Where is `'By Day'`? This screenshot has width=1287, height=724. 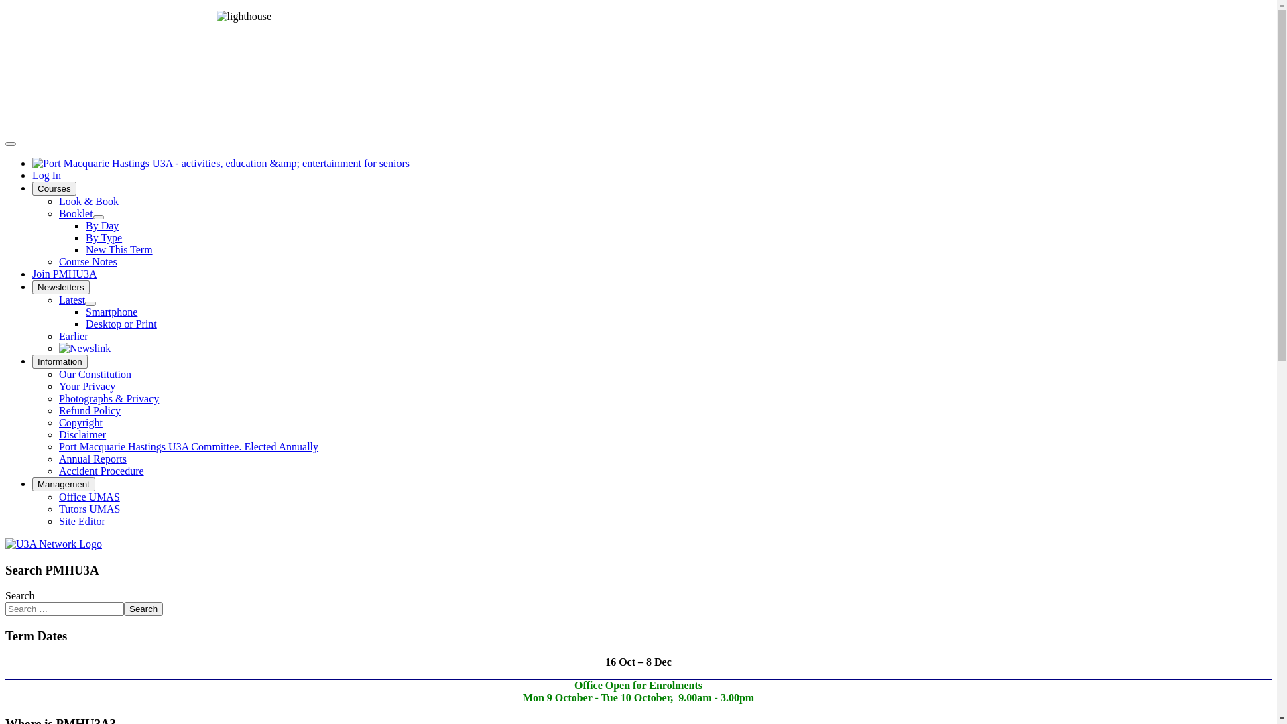 'By Day' is located at coordinates (101, 225).